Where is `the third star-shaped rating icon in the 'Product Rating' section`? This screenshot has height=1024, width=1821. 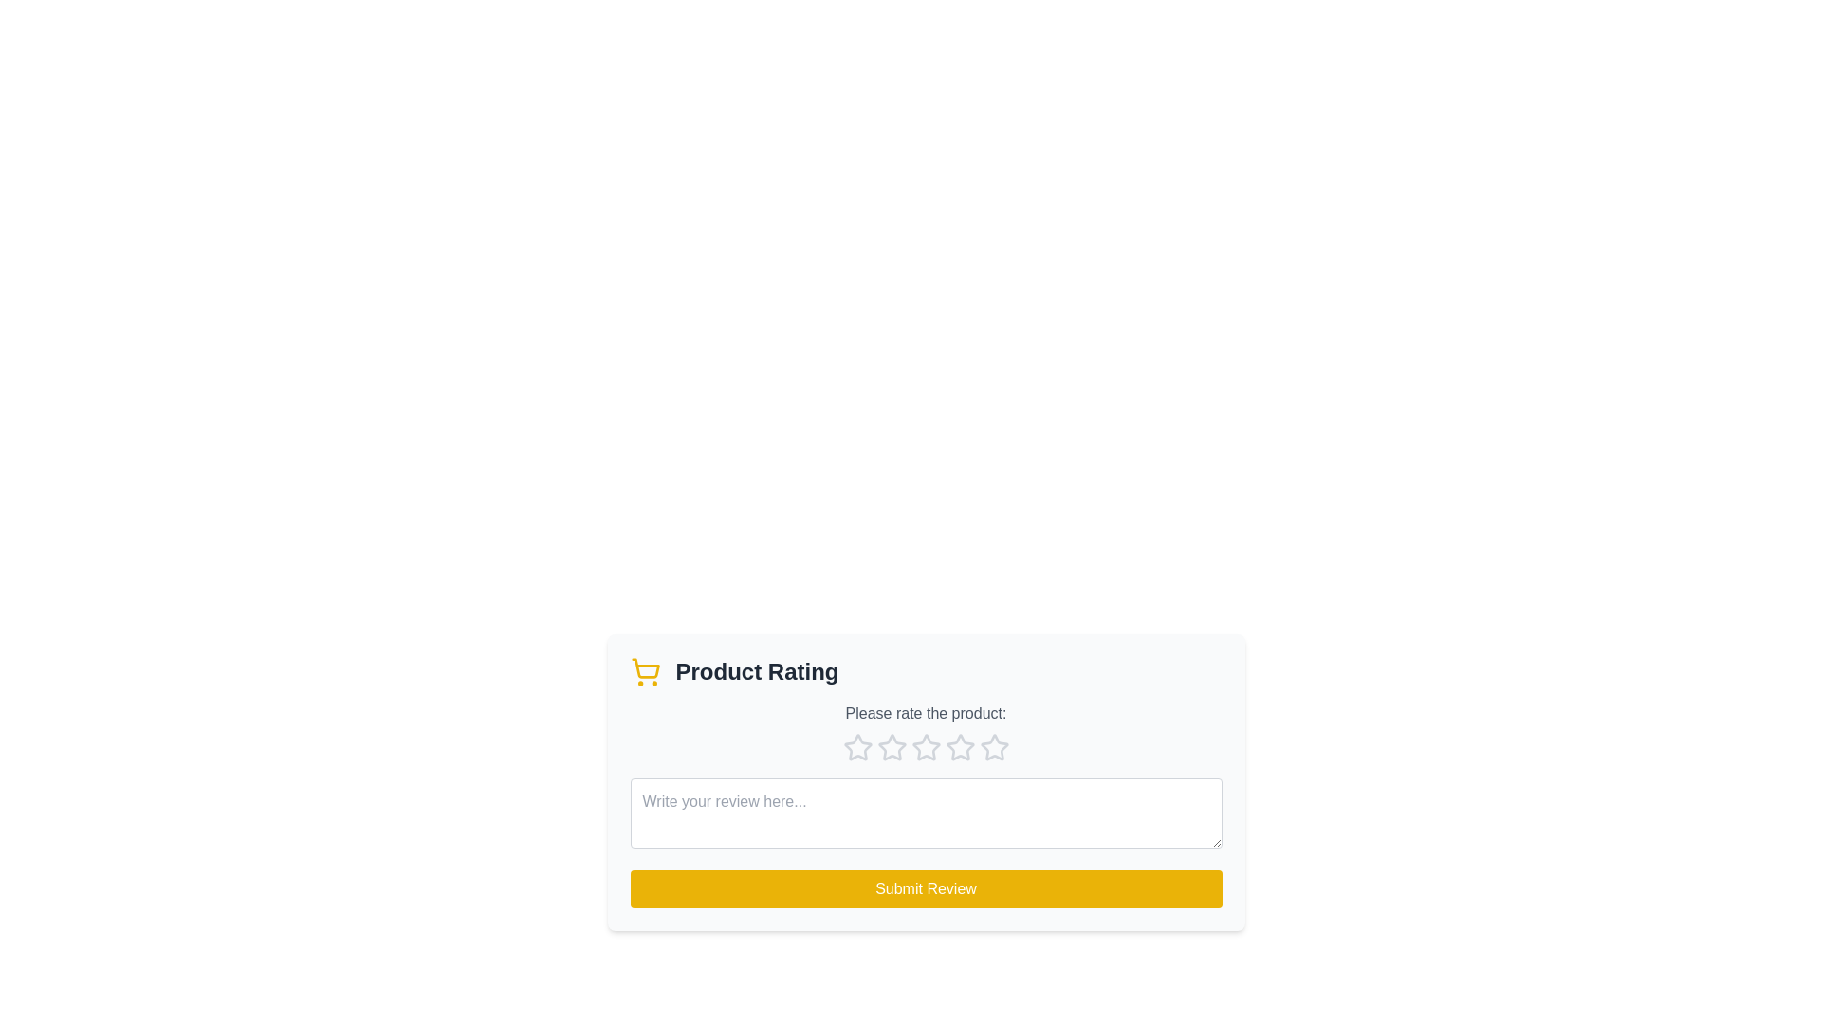 the third star-shaped rating icon in the 'Product Rating' section is located at coordinates (926, 747).